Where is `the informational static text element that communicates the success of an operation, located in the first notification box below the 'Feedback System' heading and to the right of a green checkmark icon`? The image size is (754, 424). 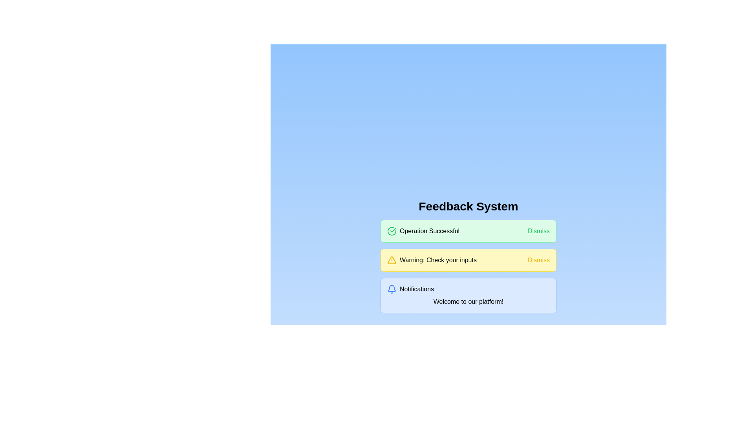
the informational static text element that communicates the success of an operation, located in the first notification box below the 'Feedback System' heading and to the right of a green checkmark icon is located at coordinates (429, 231).